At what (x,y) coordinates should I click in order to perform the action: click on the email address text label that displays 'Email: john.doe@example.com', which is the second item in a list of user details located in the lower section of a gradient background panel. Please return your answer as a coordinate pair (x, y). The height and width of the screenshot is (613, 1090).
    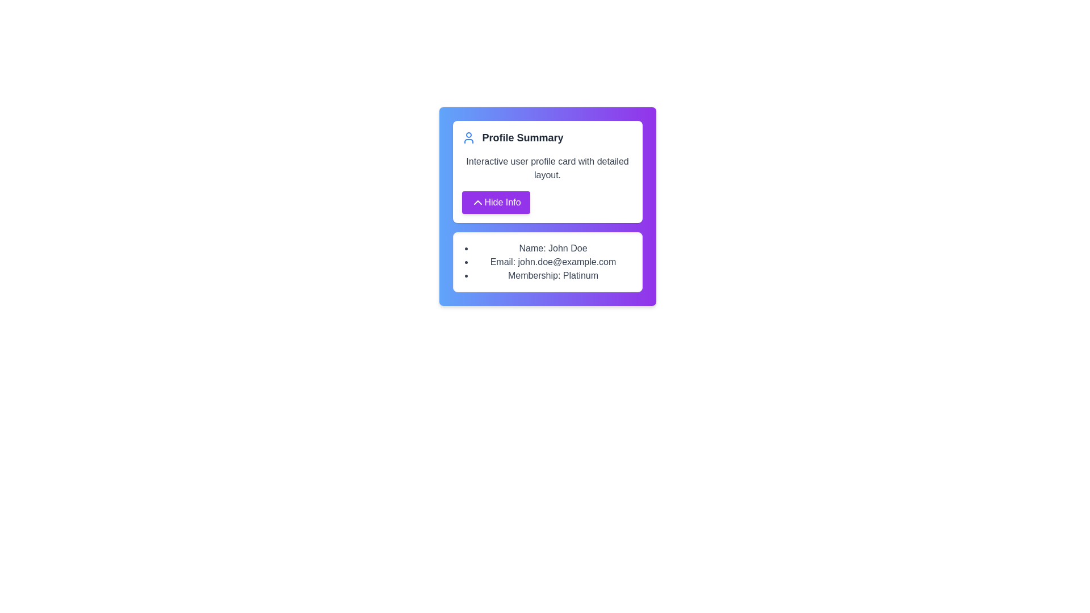
    Looking at the image, I should click on (553, 262).